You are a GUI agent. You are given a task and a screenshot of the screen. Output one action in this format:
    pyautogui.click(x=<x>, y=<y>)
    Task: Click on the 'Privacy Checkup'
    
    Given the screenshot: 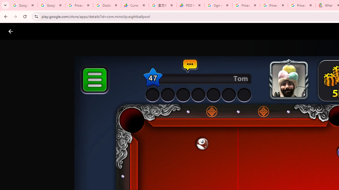 What is the action you would take?
    pyautogui.click(x=274, y=5)
    